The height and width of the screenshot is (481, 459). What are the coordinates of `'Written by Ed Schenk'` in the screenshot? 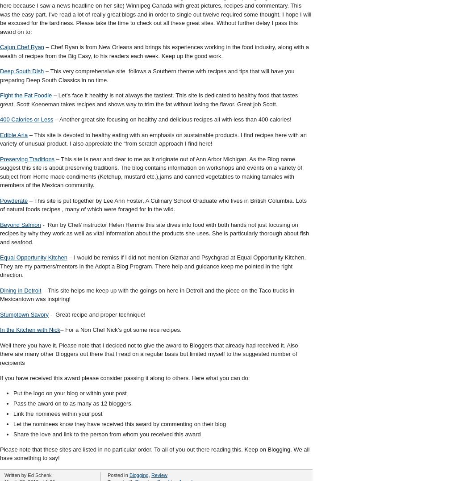 It's located at (4, 474).